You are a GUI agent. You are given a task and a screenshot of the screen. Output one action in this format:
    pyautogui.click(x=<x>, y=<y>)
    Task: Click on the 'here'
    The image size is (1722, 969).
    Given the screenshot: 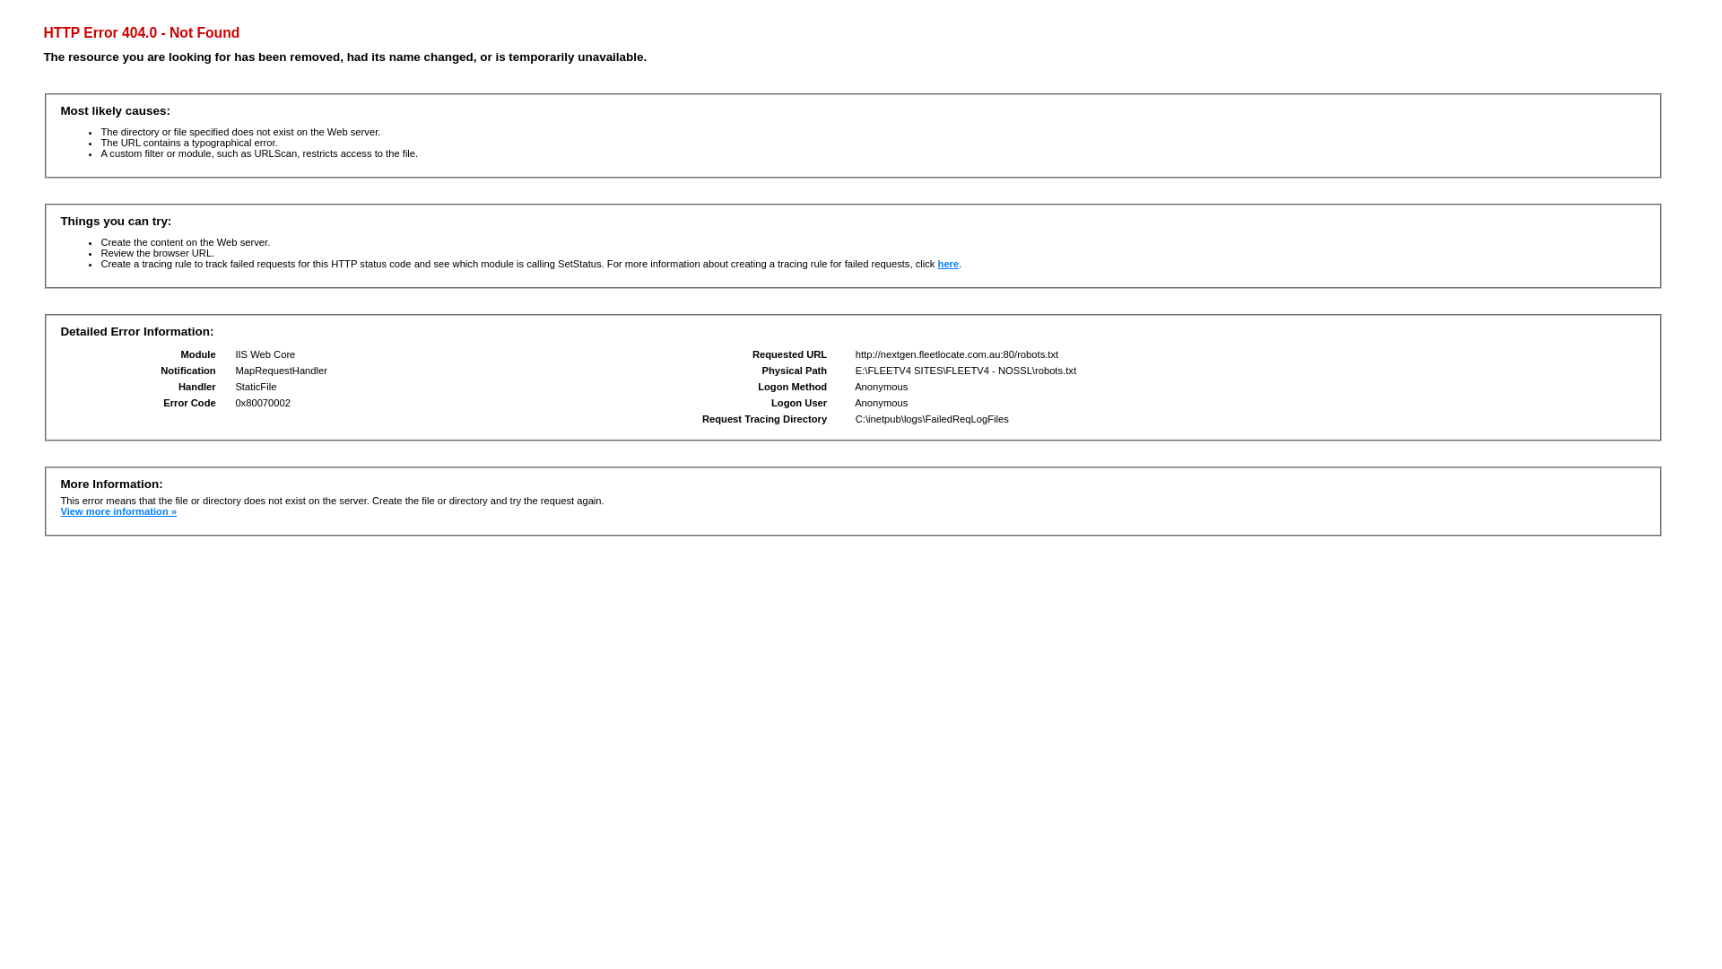 What is the action you would take?
    pyautogui.click(x=947, y=263)
    